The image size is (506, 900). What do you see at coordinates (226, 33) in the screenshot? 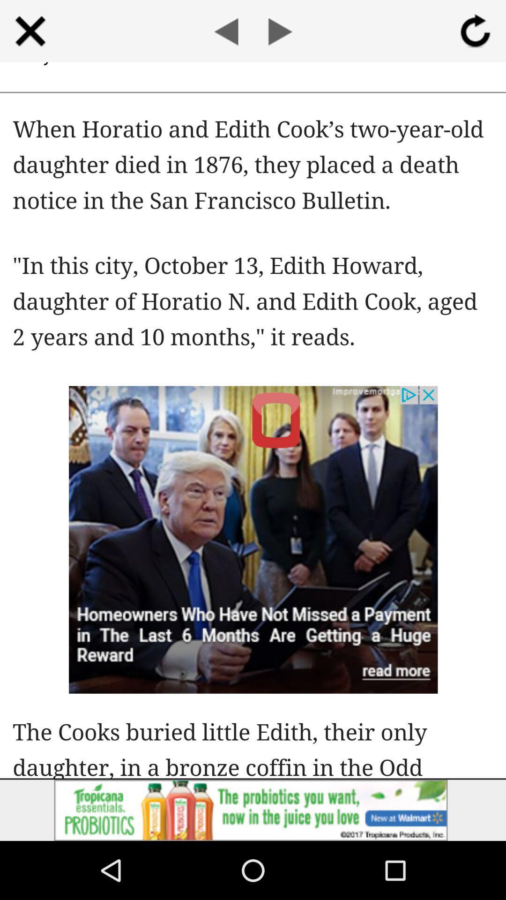
I see `the arrow_backward icon` at bounding box center [226, 33].